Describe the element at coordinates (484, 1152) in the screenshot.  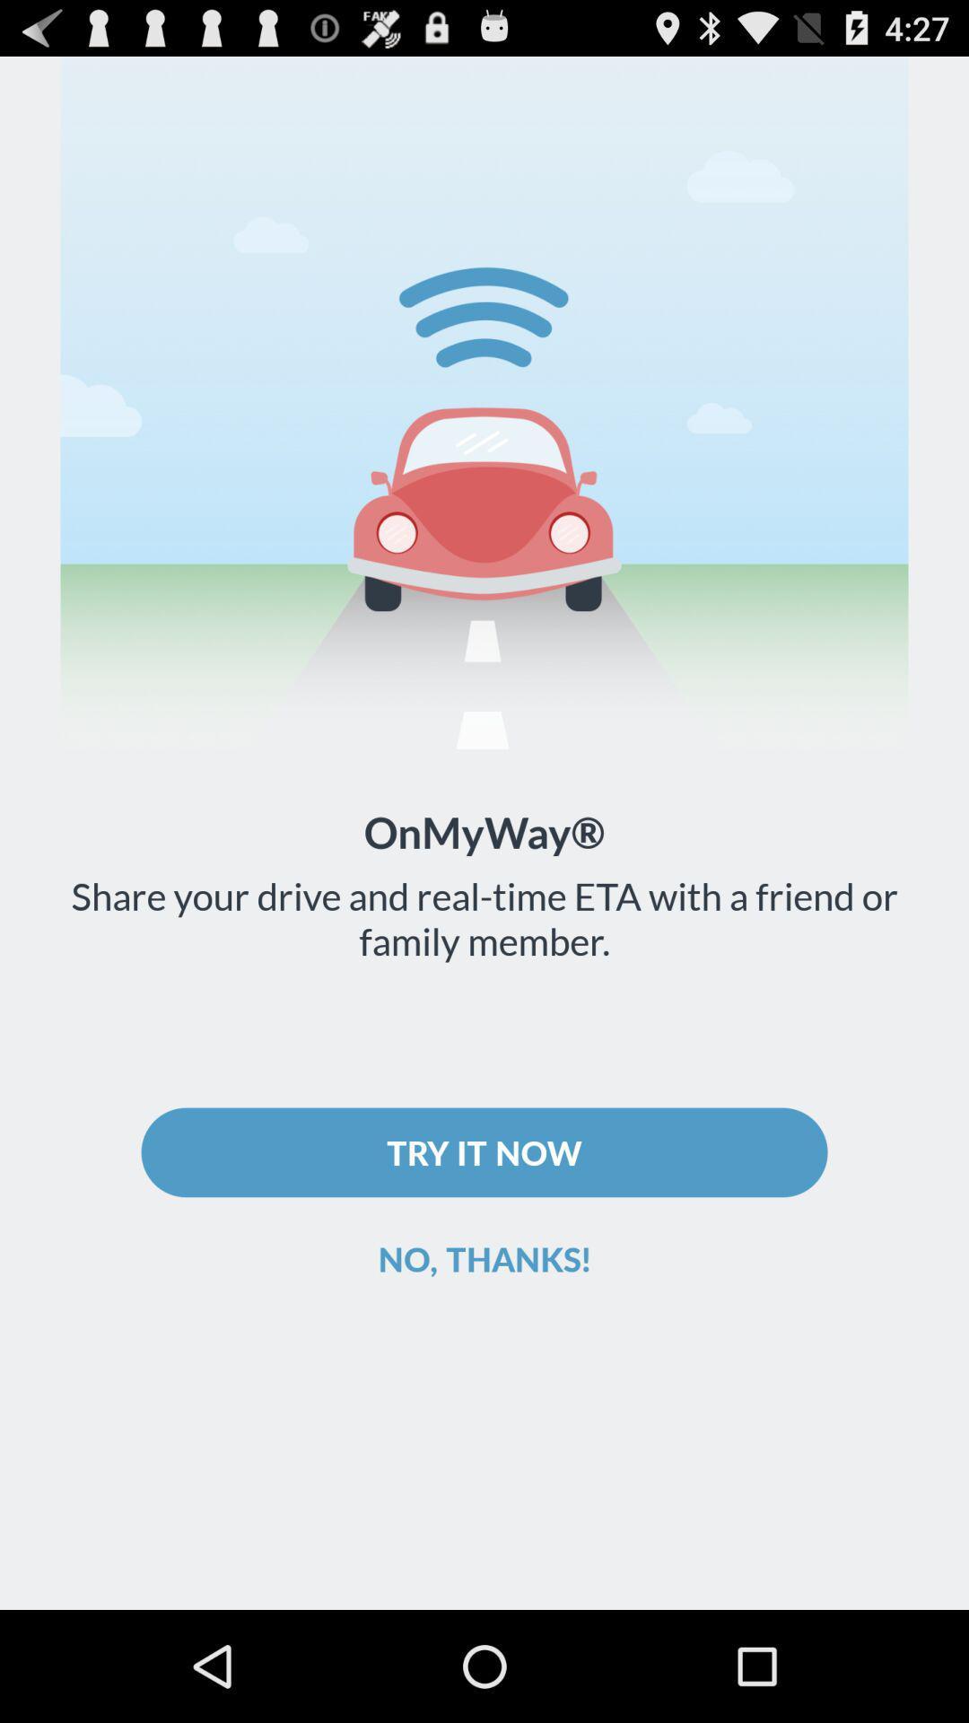
I see `item below the share your drive icon` at that location.